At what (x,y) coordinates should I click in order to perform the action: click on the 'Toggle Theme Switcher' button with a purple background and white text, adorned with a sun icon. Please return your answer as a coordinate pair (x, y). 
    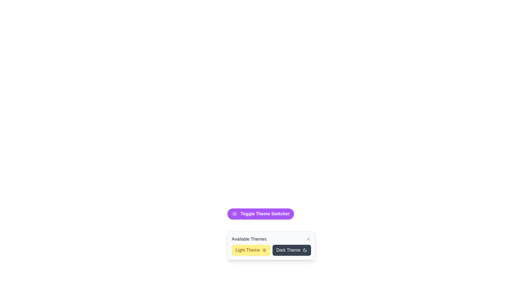
    Looking at the image, I should click on (260, 214).